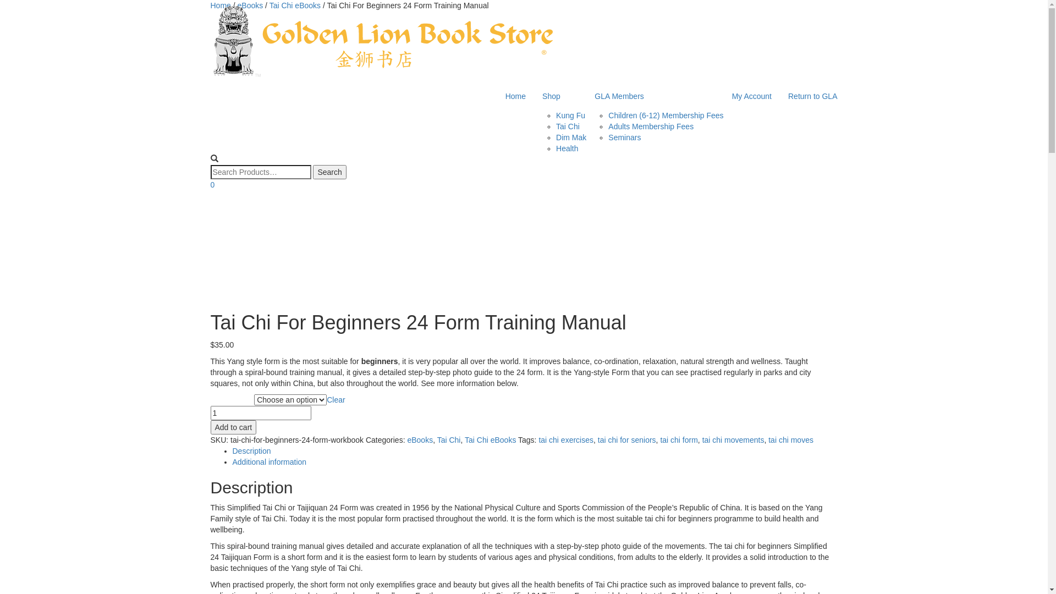 The image size is (1056, 594). I want to click on 'Health', so click(556, 148).